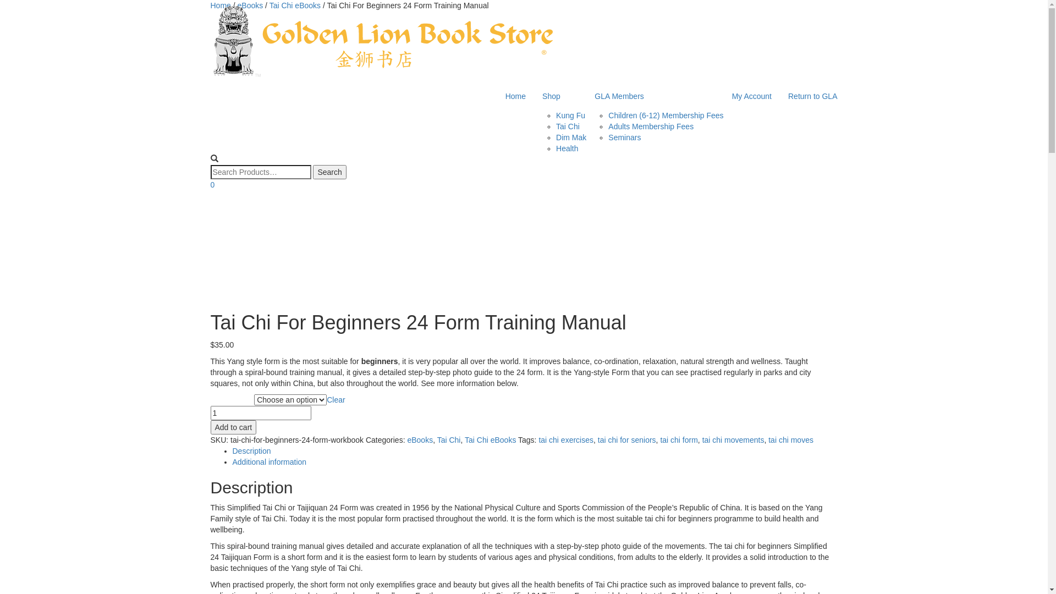 The image size is (1056, 594). I want to click on 'Health', so click(556, 148).